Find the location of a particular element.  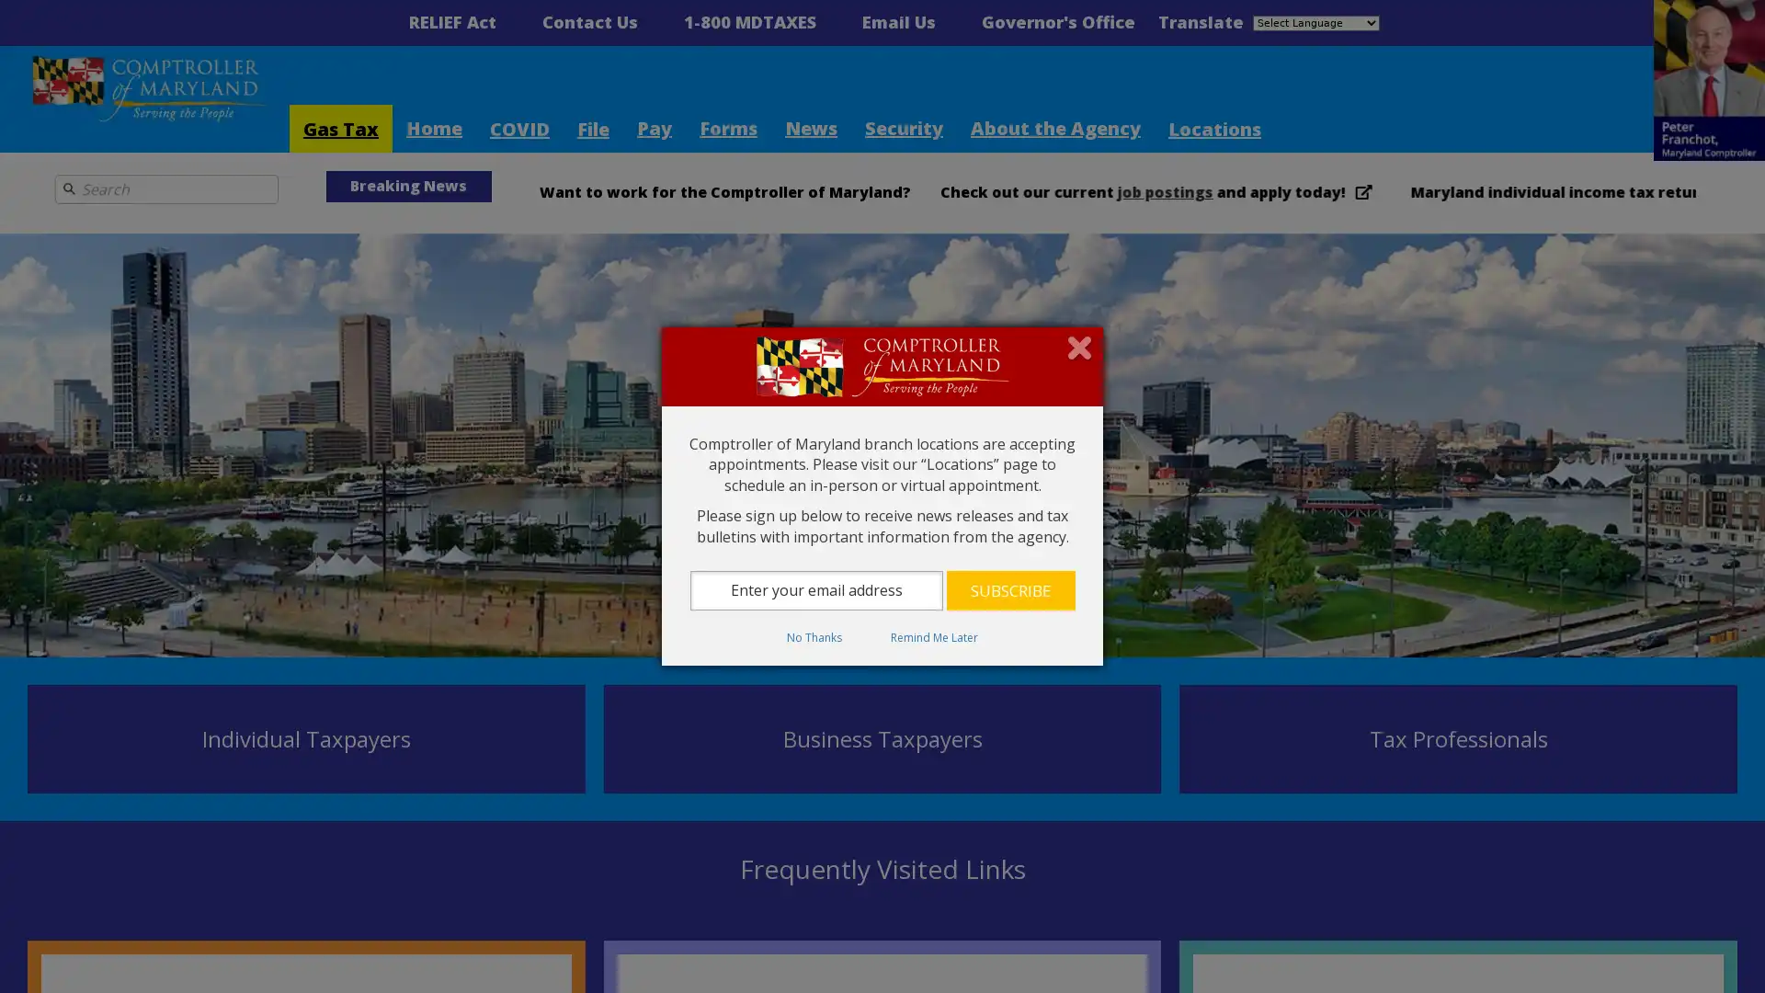

Subscribe is located at coordinates (1009, 589).